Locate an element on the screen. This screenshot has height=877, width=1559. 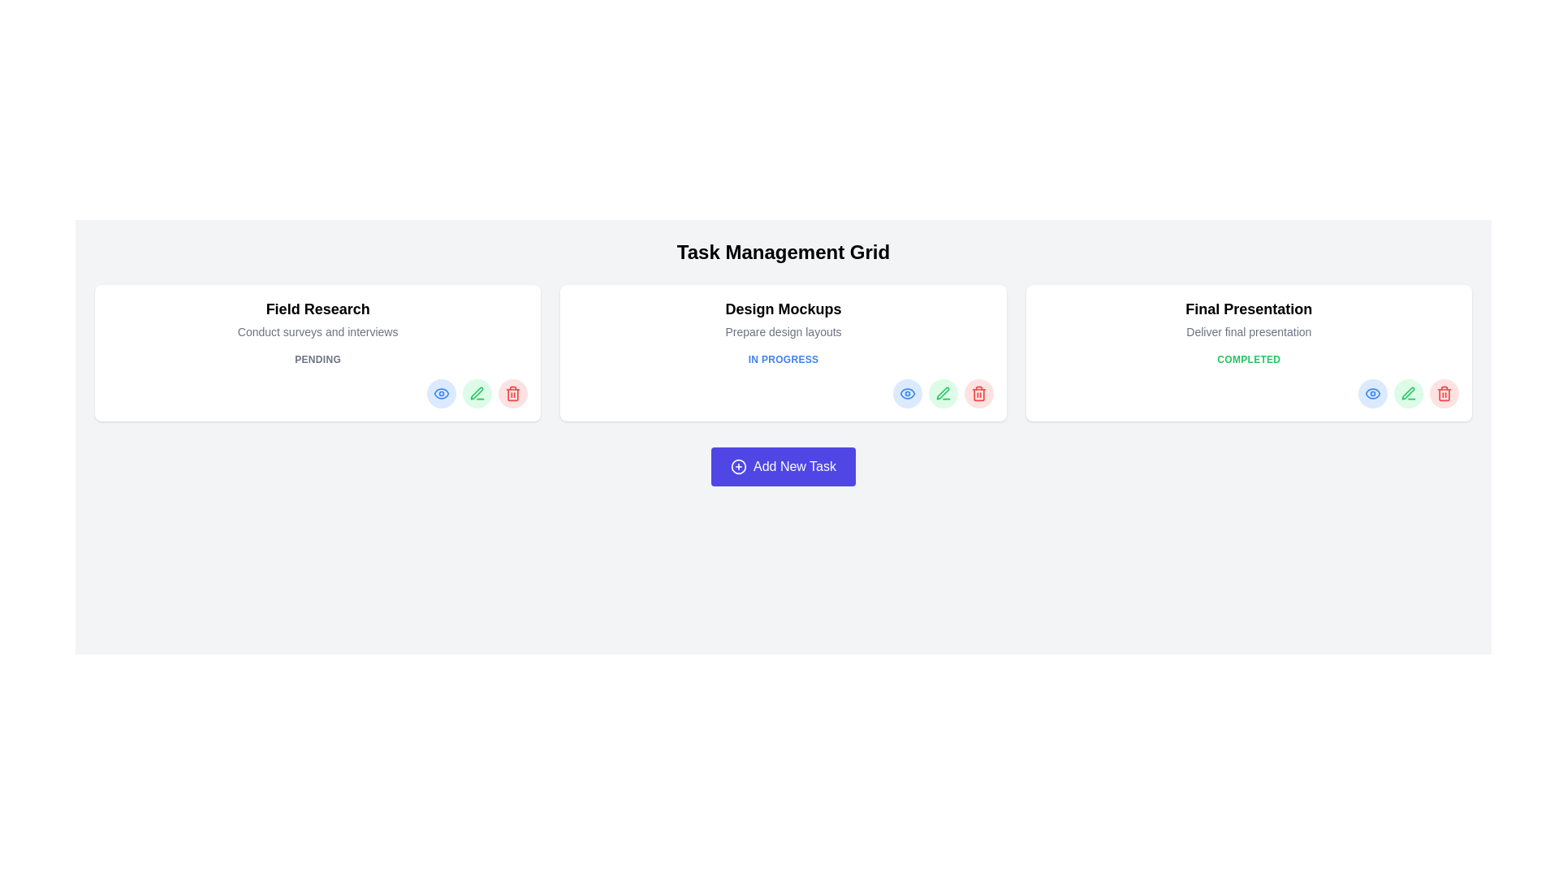
the 'Pending' text label styled in uppercase, bold, gray font, located within the 'Field Research' task card in the 'Task Management Grid', positioned between the descriptive text and the action buttons is located at coordinates (317, 359).